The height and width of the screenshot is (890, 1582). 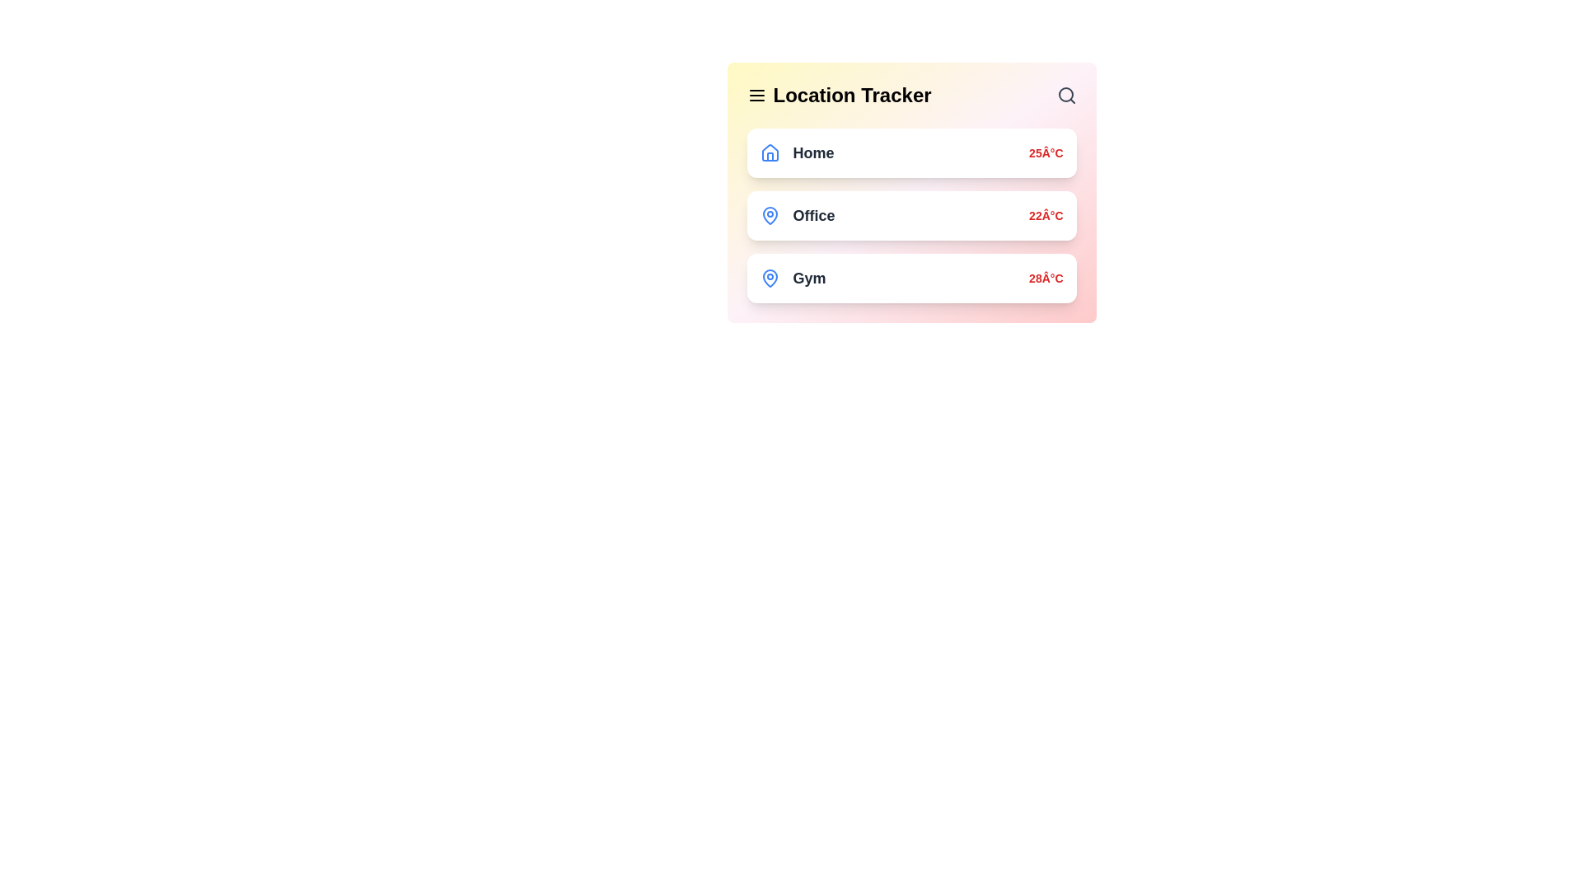 What do you see at coordinates (1066, 95) in the screenshot?
I see `the search icon to activate the search functionality` at bounding box center [1066, 95].